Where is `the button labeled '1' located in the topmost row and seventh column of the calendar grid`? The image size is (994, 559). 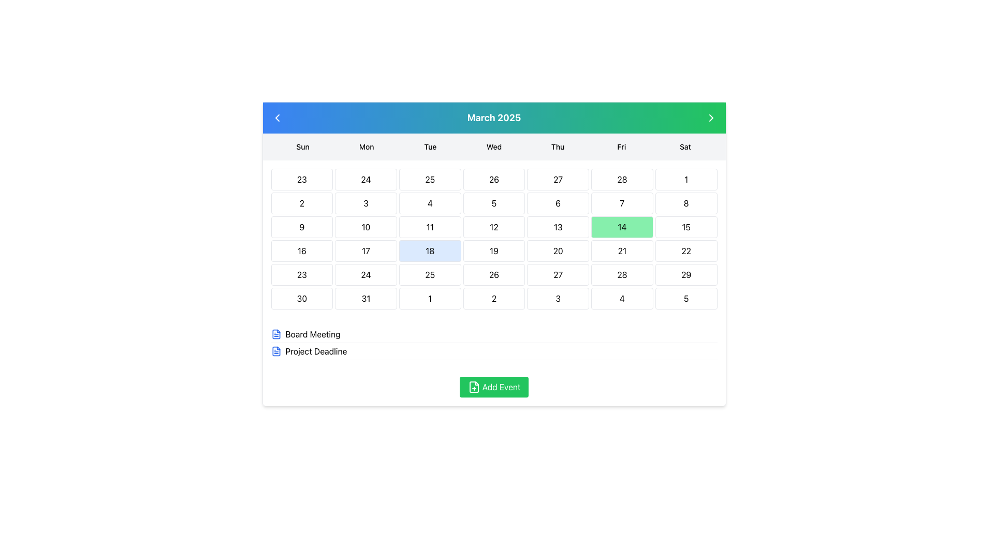 the button labeled '1' located in the topmost row and seventh column of the calendar grid is located at coordinates (686, 179).